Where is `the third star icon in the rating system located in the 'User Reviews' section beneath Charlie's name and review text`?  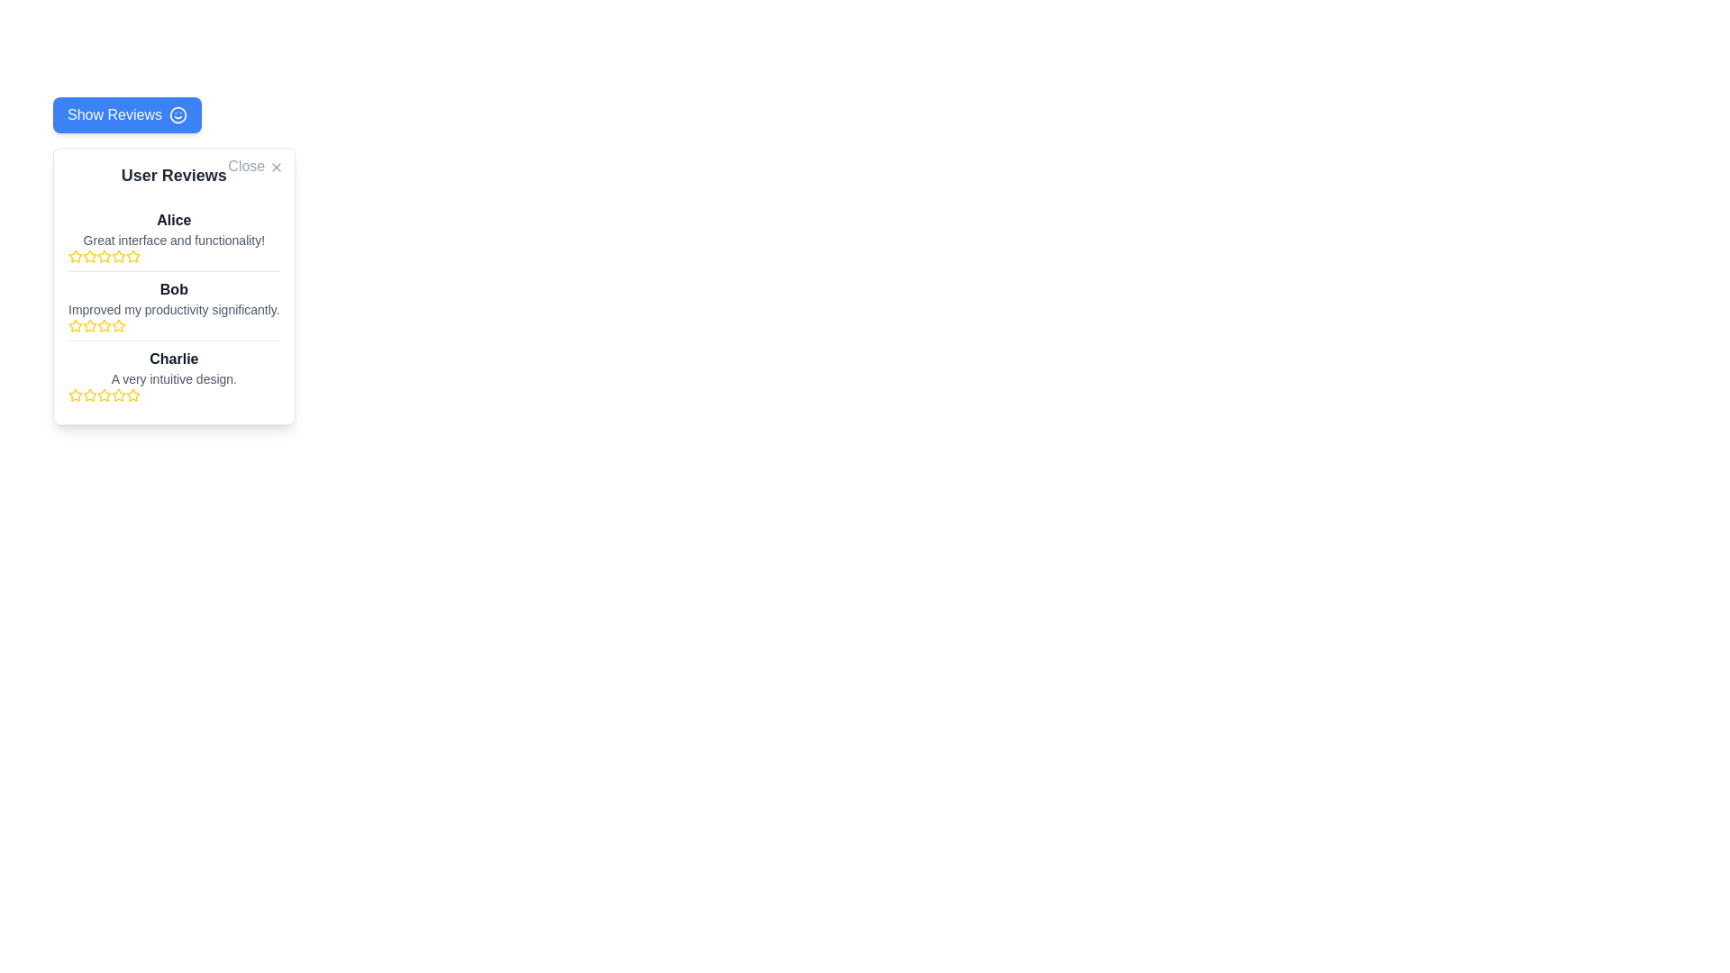
the third star icon in the rating system located in the 'User Reviews' section beneath Charlie's name and review text is located at coordinates (103, 394).